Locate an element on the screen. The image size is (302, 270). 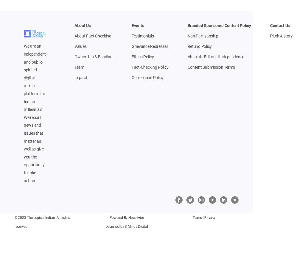
'Fact-Checking Policy' is located at coordinates (150, 67).